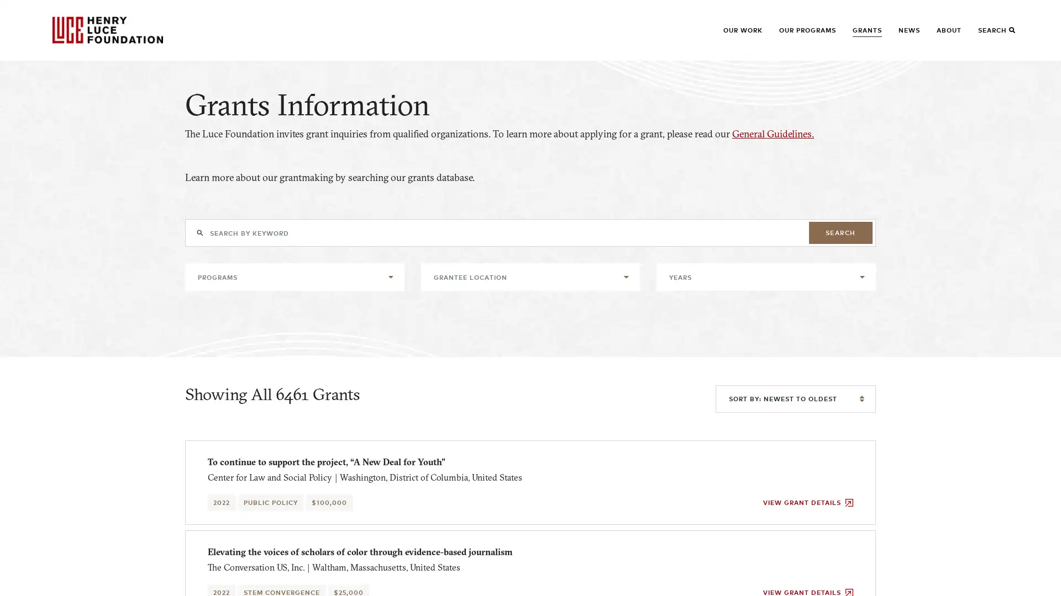 The image size is (1061, 596). Describe the element at coordinates (294, 276) in the screenshot. I see `PROGRAMS` at that location.